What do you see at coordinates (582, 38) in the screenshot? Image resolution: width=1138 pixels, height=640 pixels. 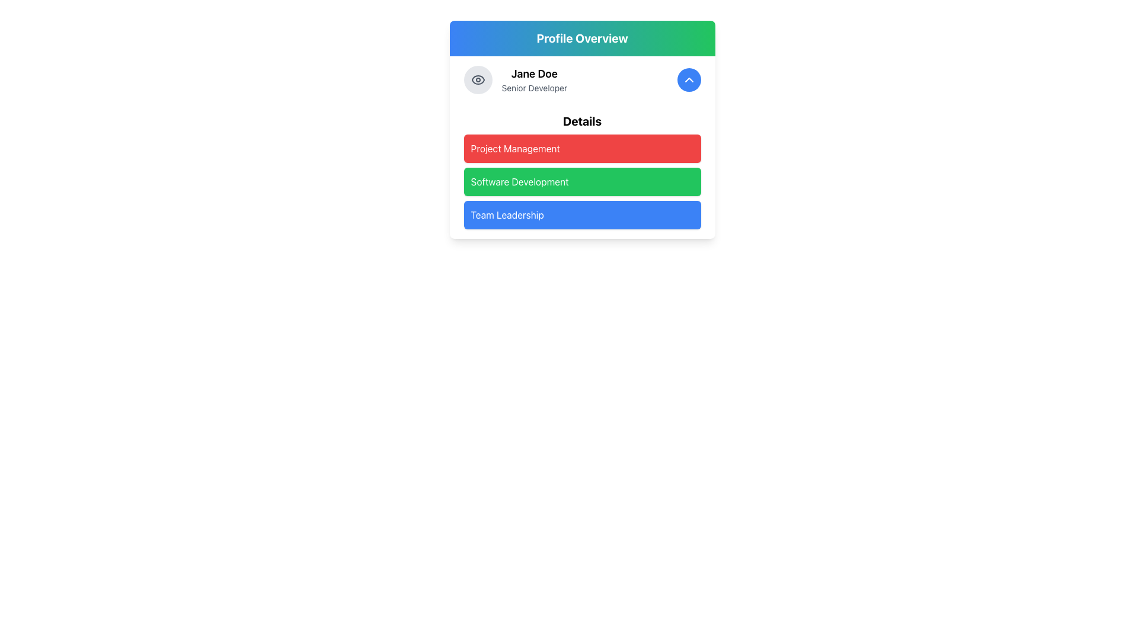 I see `the header element that serves as the main title for the user profile card, positioned at the top of the card layout` at bounding box center [582, 38].